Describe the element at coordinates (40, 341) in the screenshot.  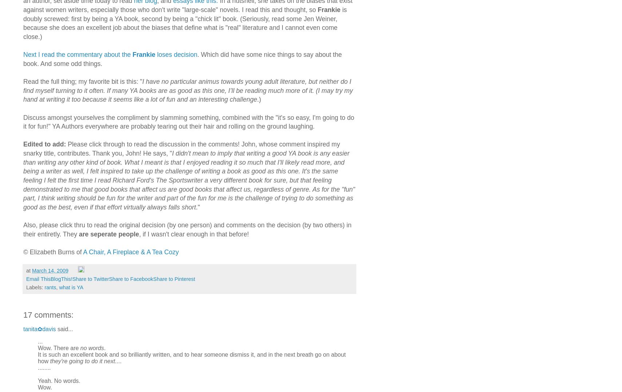
I see `'...'` at that location.